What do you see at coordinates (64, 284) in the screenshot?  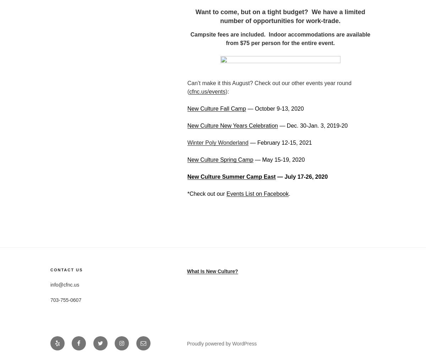 I see `'info@cfnc.us'` at bounding box center [64, 284].